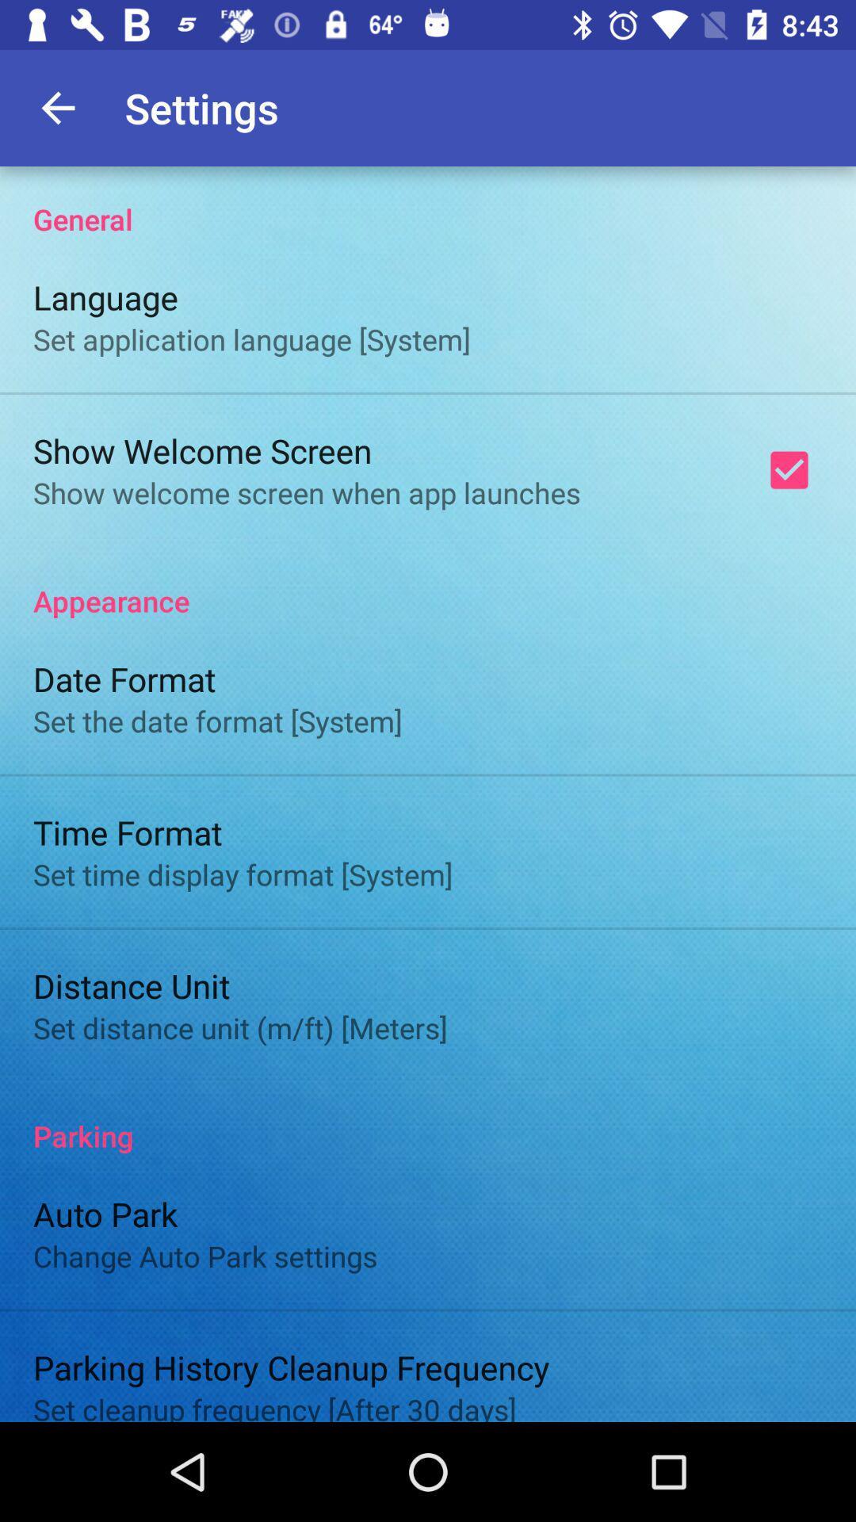 The height and width of the screenshot is (1522, 856). I want to click on item to the right of show welcome screen, so click(789, 469).